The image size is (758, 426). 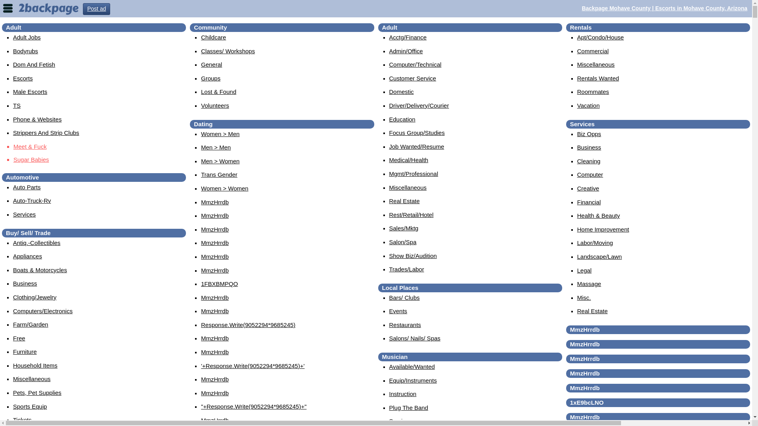 What do you see at coordinates (23, 78) in the screenshot?
I see `'Escorts'` at bounding box center [23, 78].